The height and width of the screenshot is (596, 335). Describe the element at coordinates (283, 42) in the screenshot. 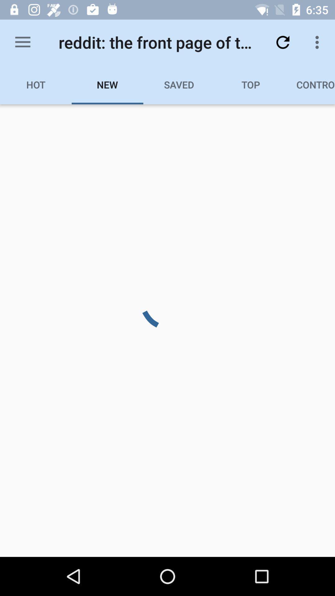

I see `the icon above top item` at that location.